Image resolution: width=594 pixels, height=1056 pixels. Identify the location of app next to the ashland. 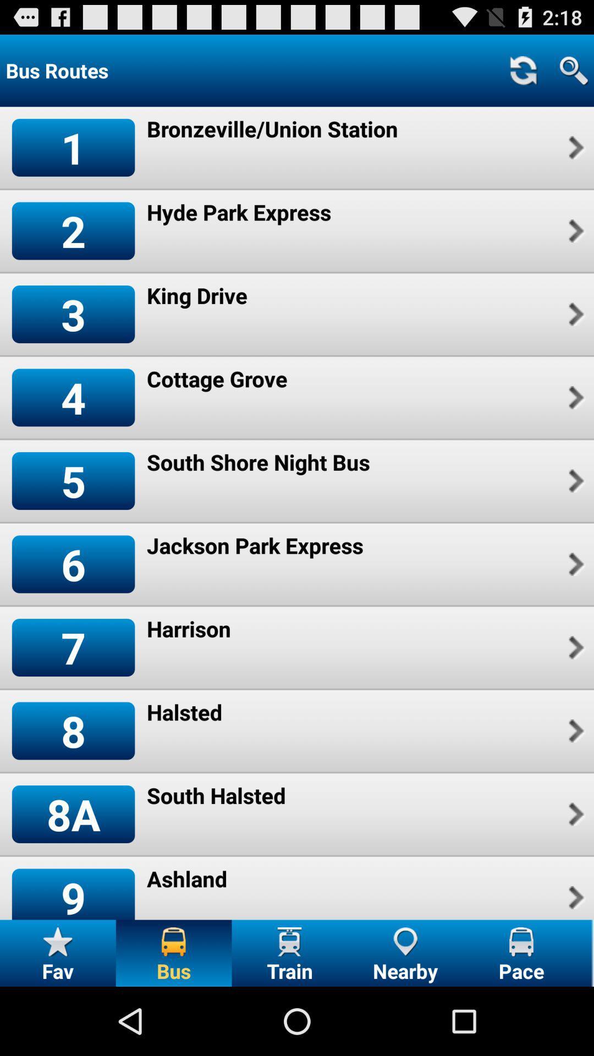
(574, 898).